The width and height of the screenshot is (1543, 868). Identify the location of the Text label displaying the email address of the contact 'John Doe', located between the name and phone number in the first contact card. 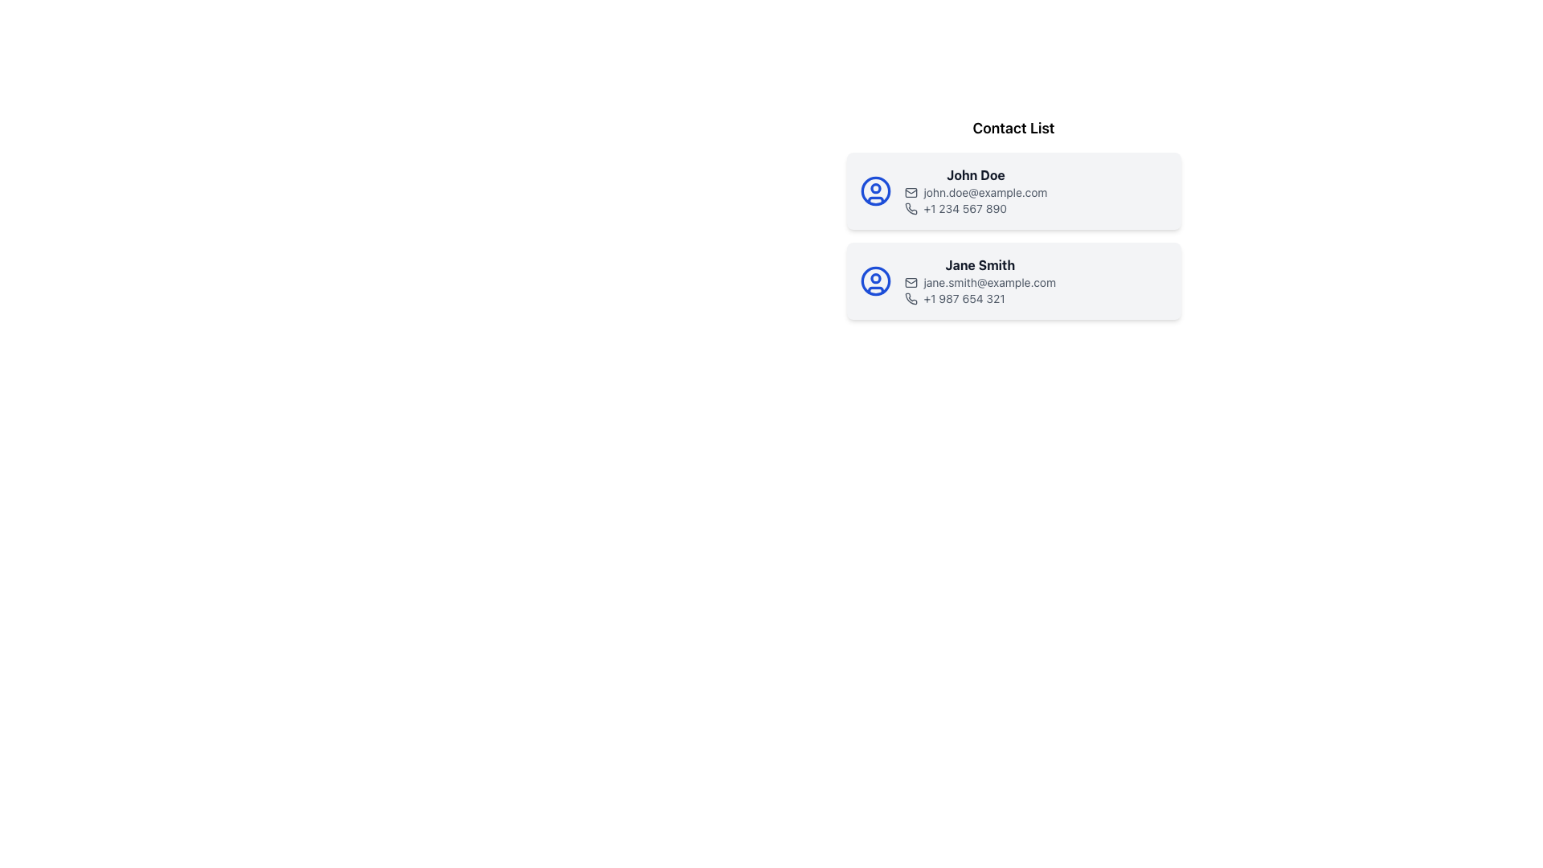
(975, 191).